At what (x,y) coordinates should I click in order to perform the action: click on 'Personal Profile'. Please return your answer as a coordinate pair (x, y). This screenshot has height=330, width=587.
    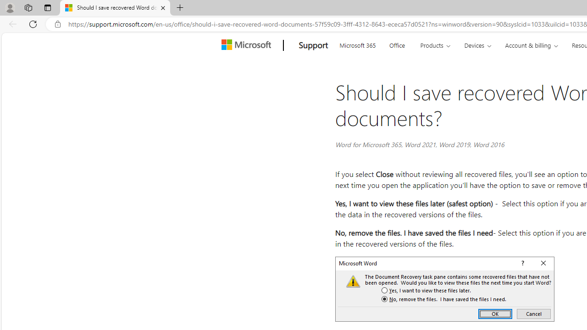
    Looking at the image, I should click on (10, 7).